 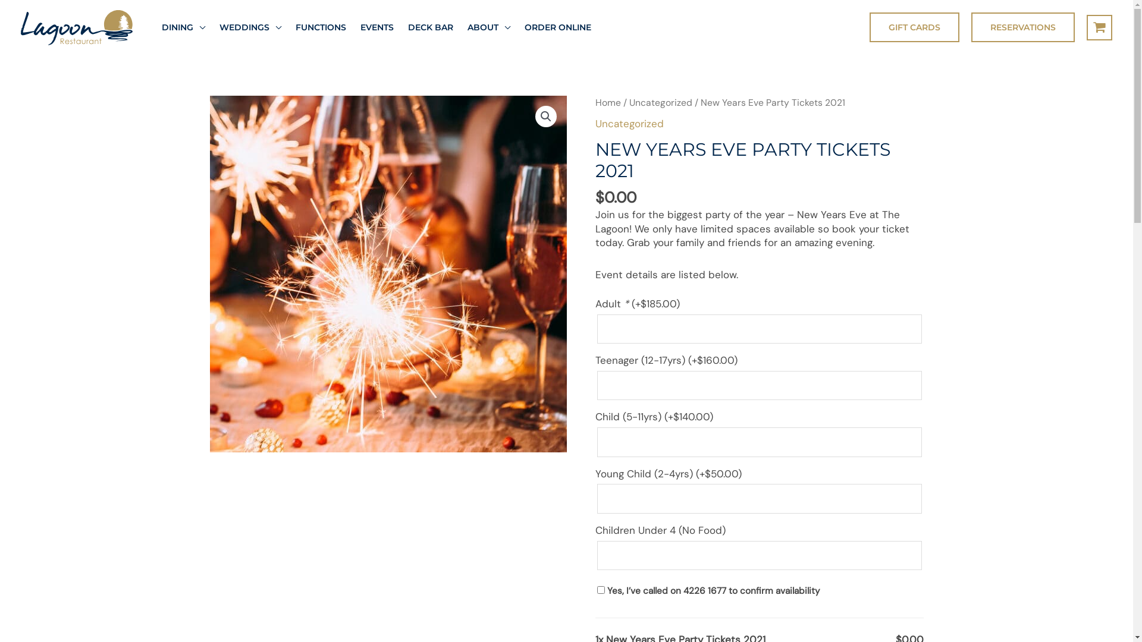 I want to click on 'DECK BAR', so click(x=430, y=27).